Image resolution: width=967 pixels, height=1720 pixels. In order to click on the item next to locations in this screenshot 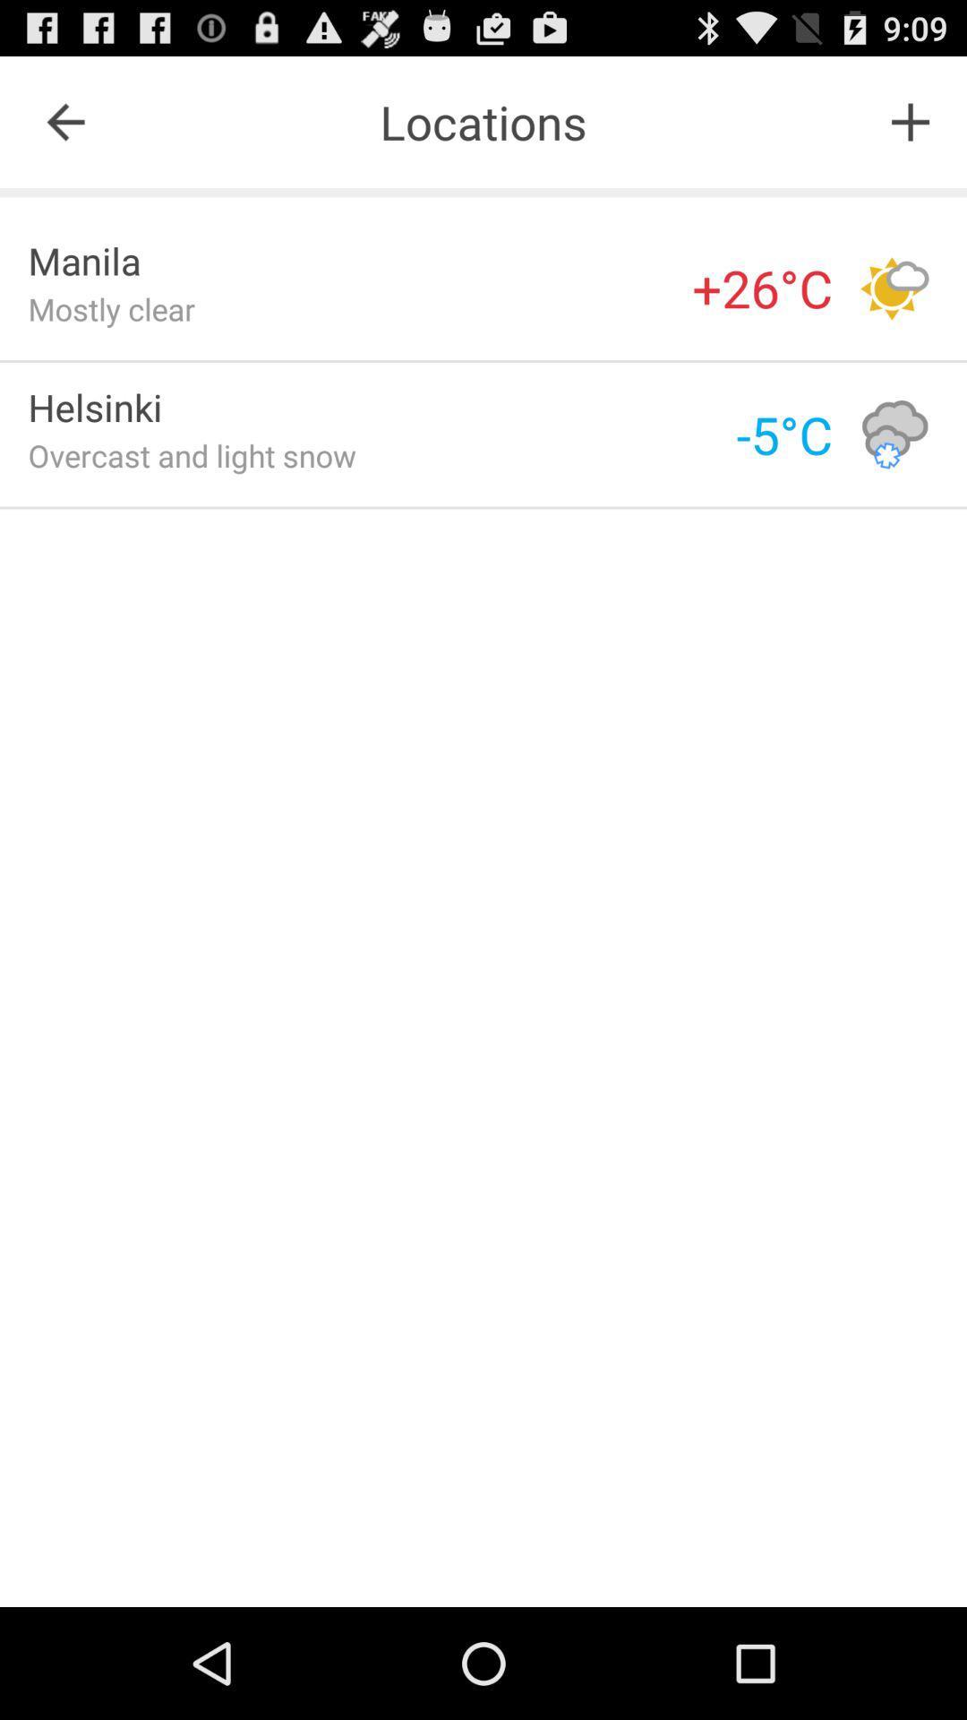, I will do `click(64, 121)`.